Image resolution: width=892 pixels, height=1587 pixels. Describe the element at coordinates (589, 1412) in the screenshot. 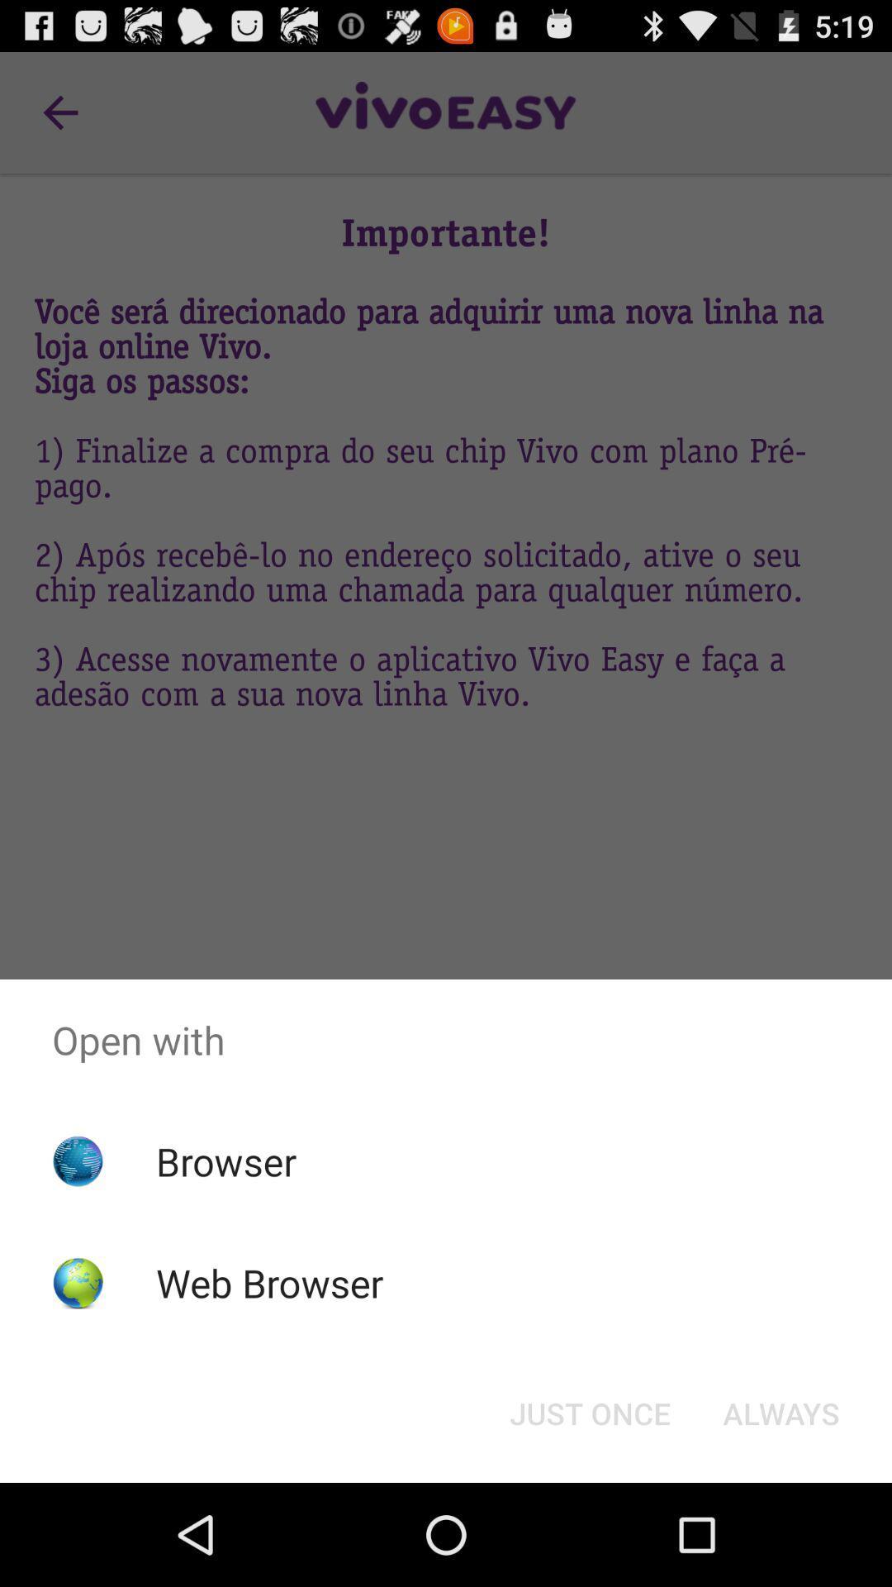

I see `button next to the always button` at that location.